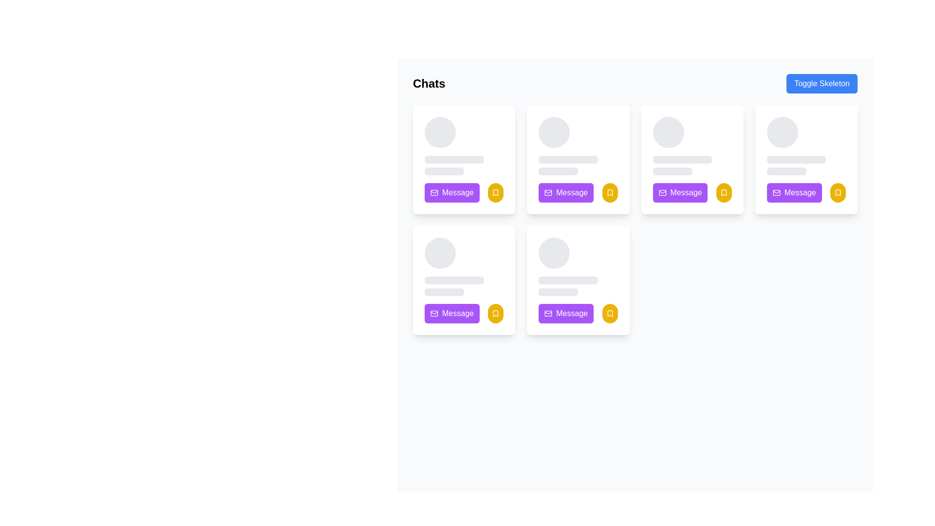  What do you see at coordinates (724, 193) in the screenshot?
I see `the yellow bookmark icon located in the bottom-right corner of the third profile card` at bounding box center [724, 193].